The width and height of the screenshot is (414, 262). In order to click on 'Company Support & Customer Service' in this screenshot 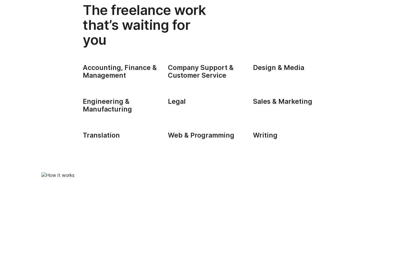, I will do `click(200, 71)`.